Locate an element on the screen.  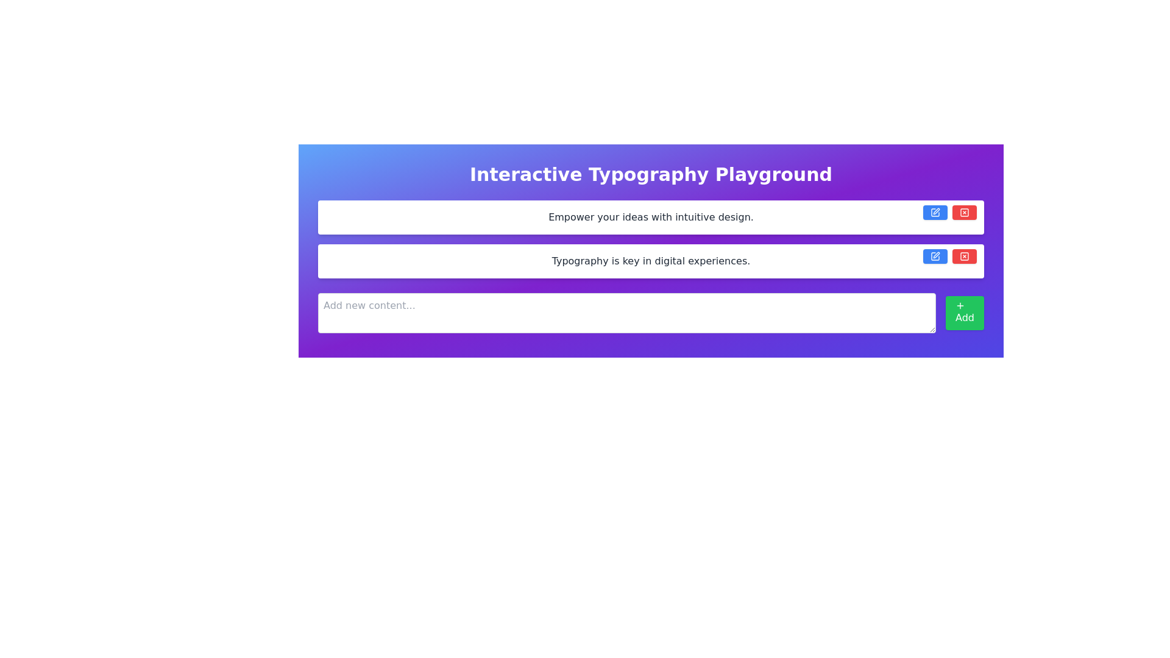
the small plus sign icon within the 'Add' button, which has a green background and white text, located at the bottom right of the interface is located at coordinates (959, 305).